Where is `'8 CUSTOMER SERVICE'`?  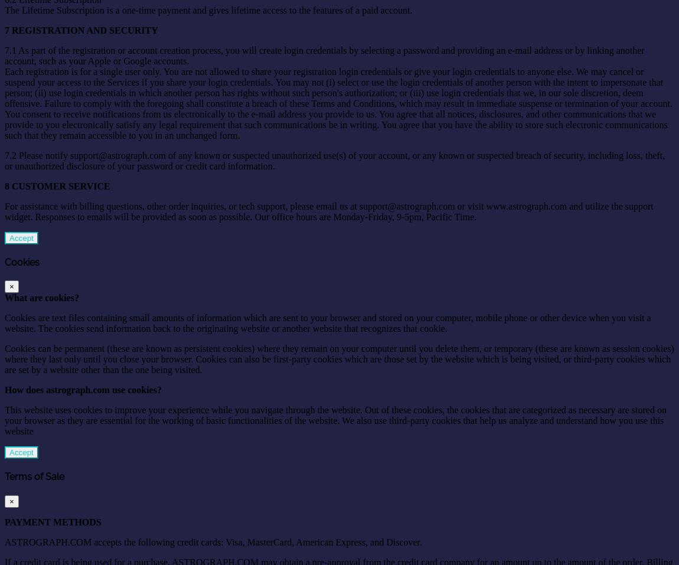 '8 CUSTOMER SERVICE' is located at coordinates (56, 185).